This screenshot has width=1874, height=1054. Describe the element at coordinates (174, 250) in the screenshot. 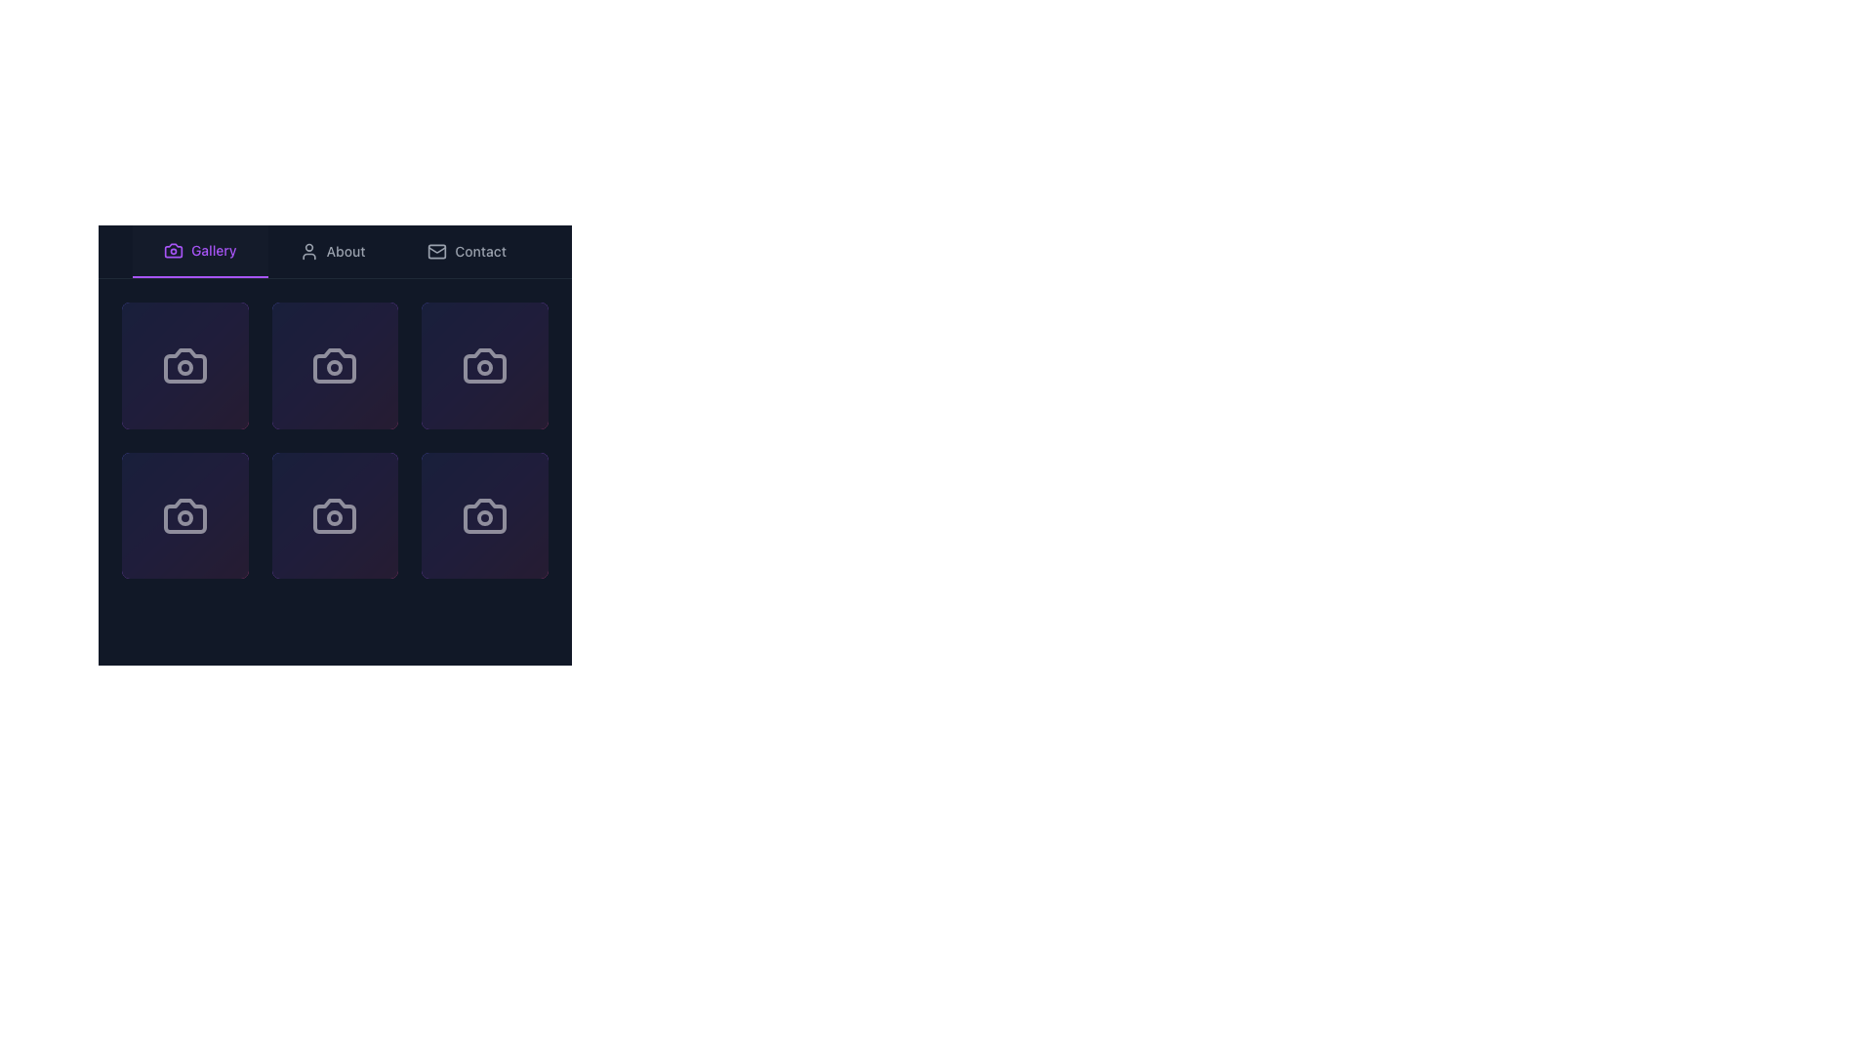

I see `the 'Gallery' icon located in the header navigation bar, which is positioned to the left of the purple-highlighted 'Gallery' text` at that location.